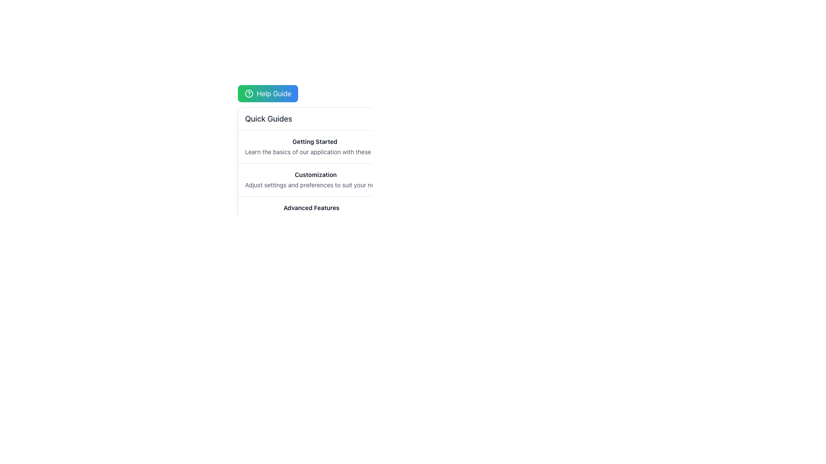 This screenshot has width=826, height=464. Describe the element at coordinates (320, 147) in the screenshot. I see `the 'Getting Started' static informational card in the 'Quick Guides' section` at that location.